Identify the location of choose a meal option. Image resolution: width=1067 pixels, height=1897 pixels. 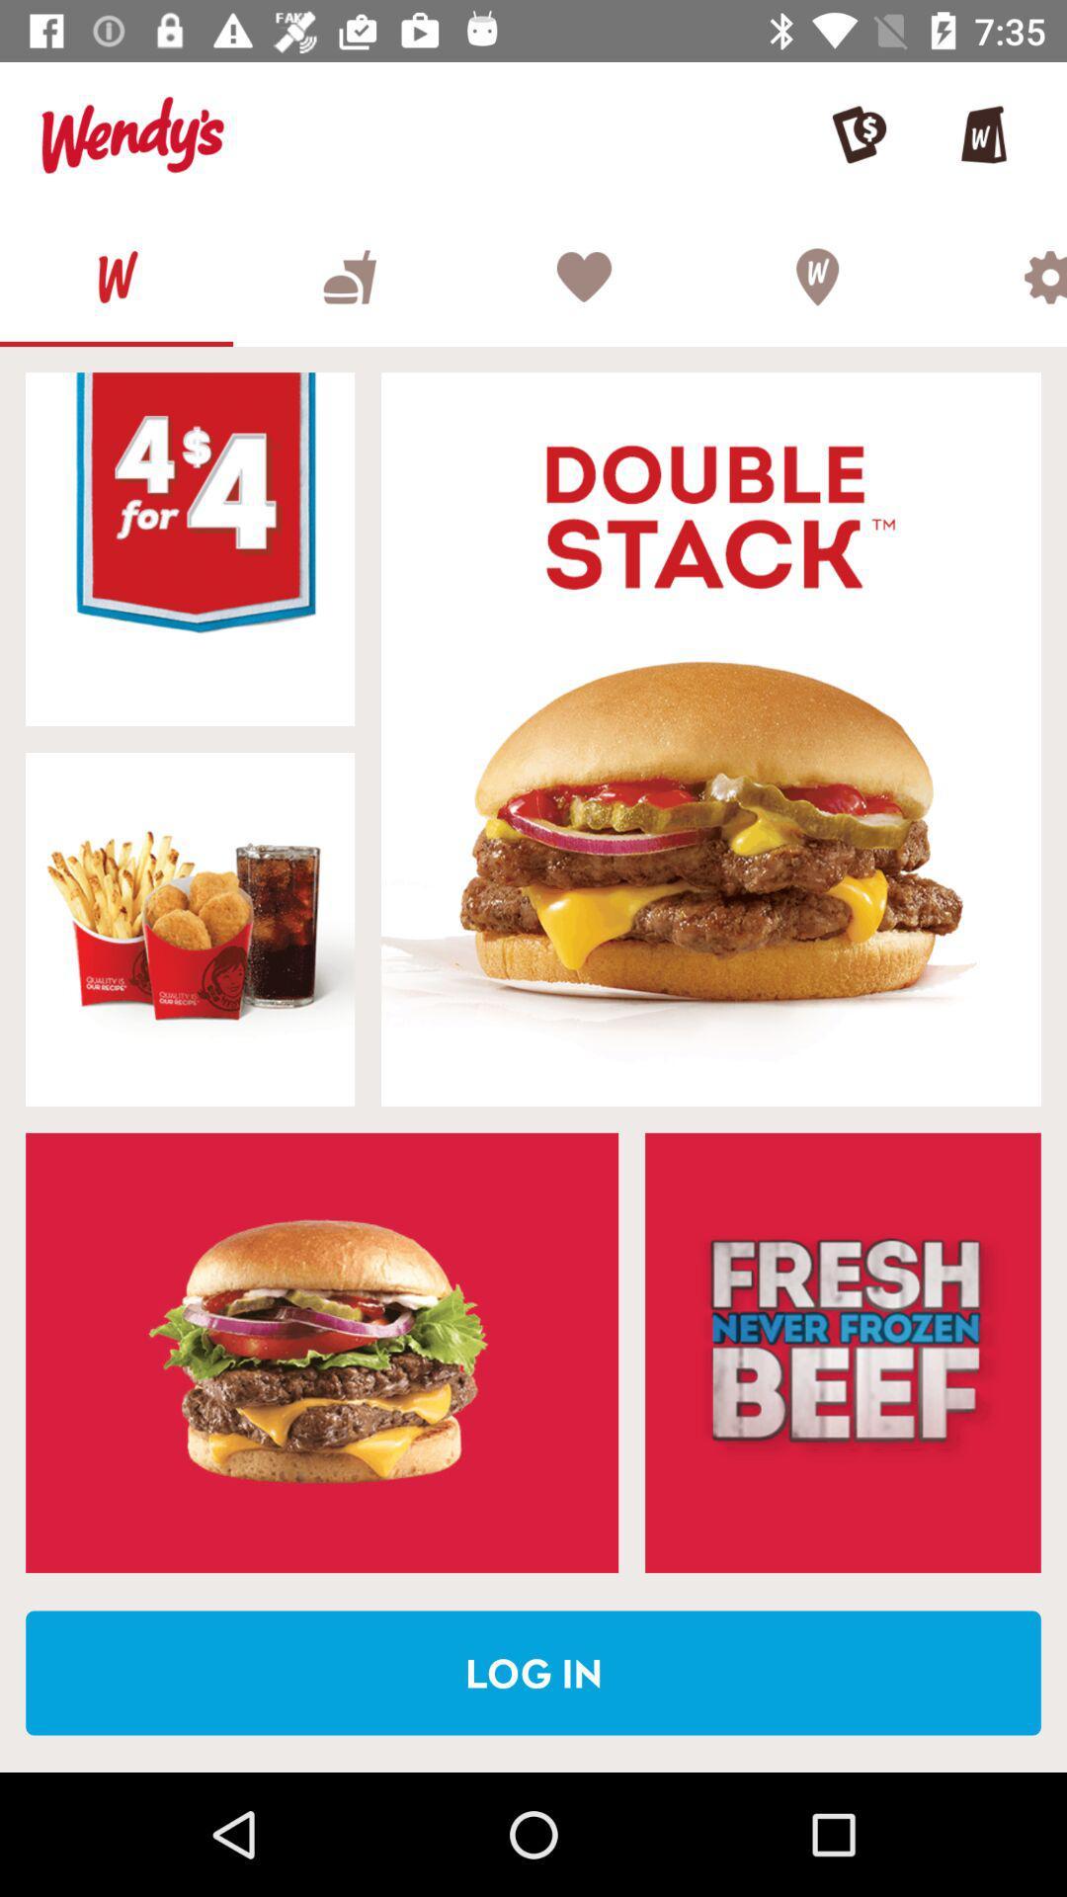
(321, 1352).